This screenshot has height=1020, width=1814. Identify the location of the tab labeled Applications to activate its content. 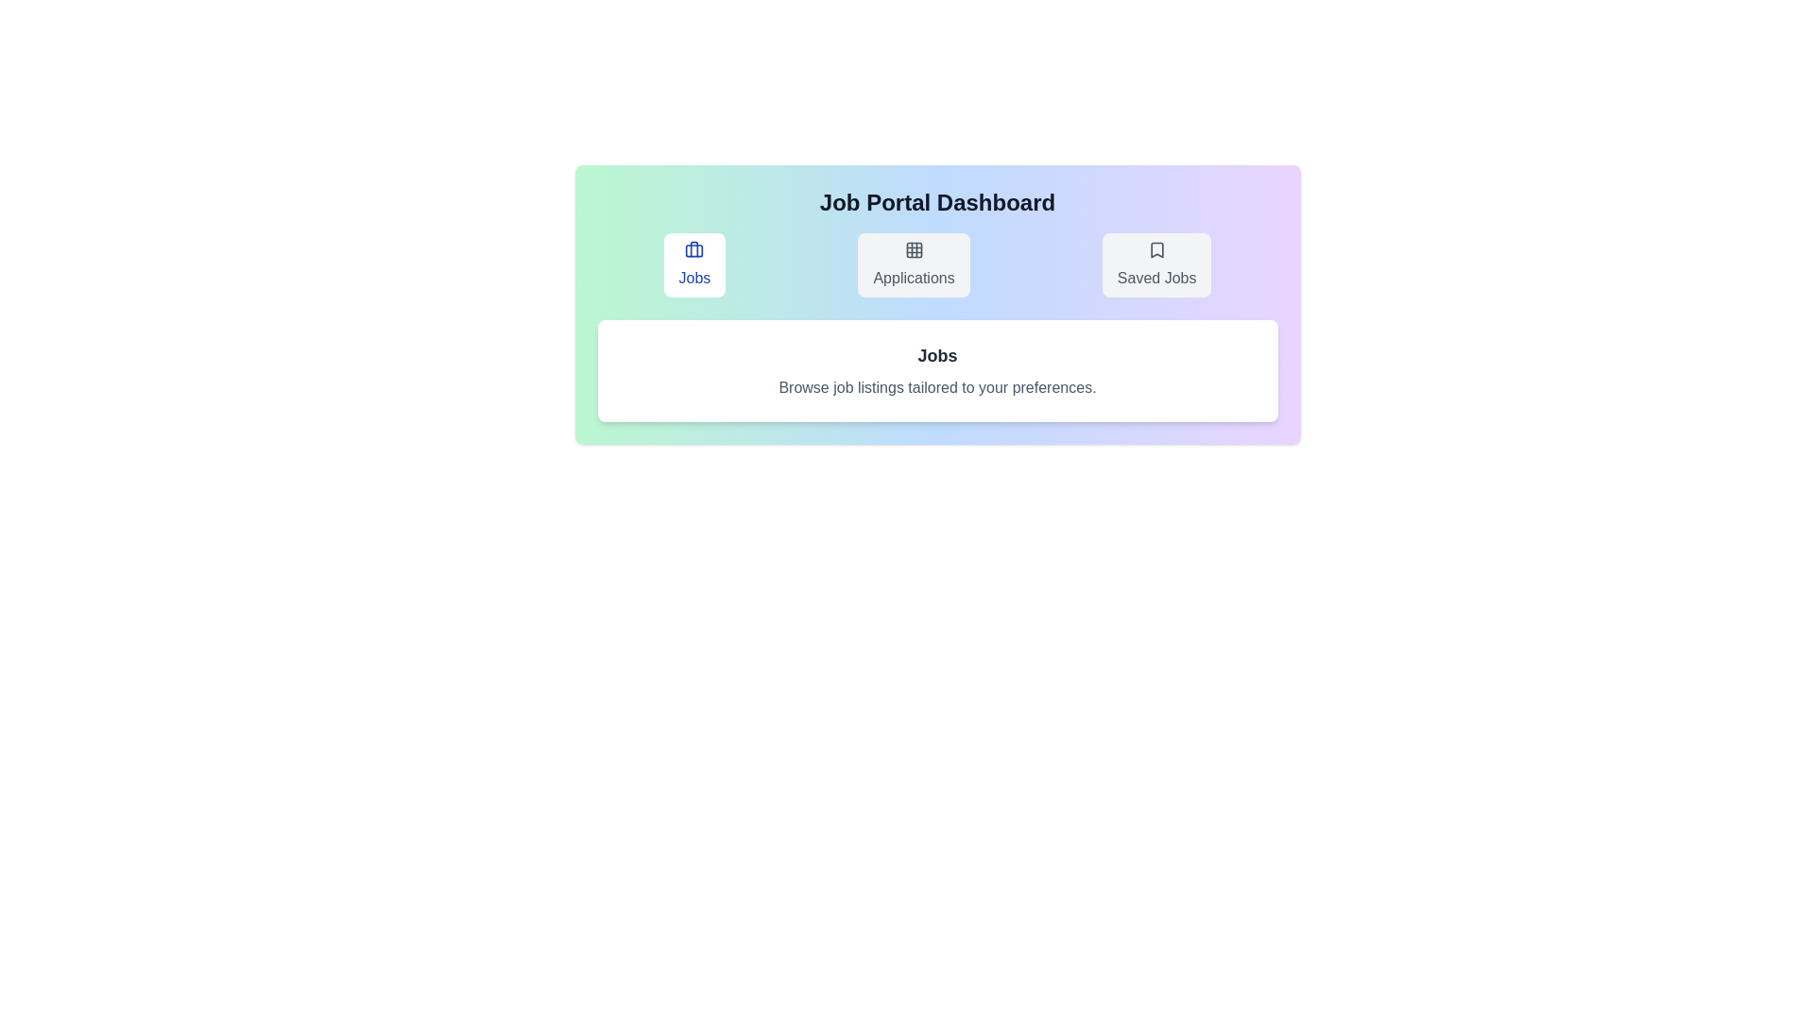
(913, 265).